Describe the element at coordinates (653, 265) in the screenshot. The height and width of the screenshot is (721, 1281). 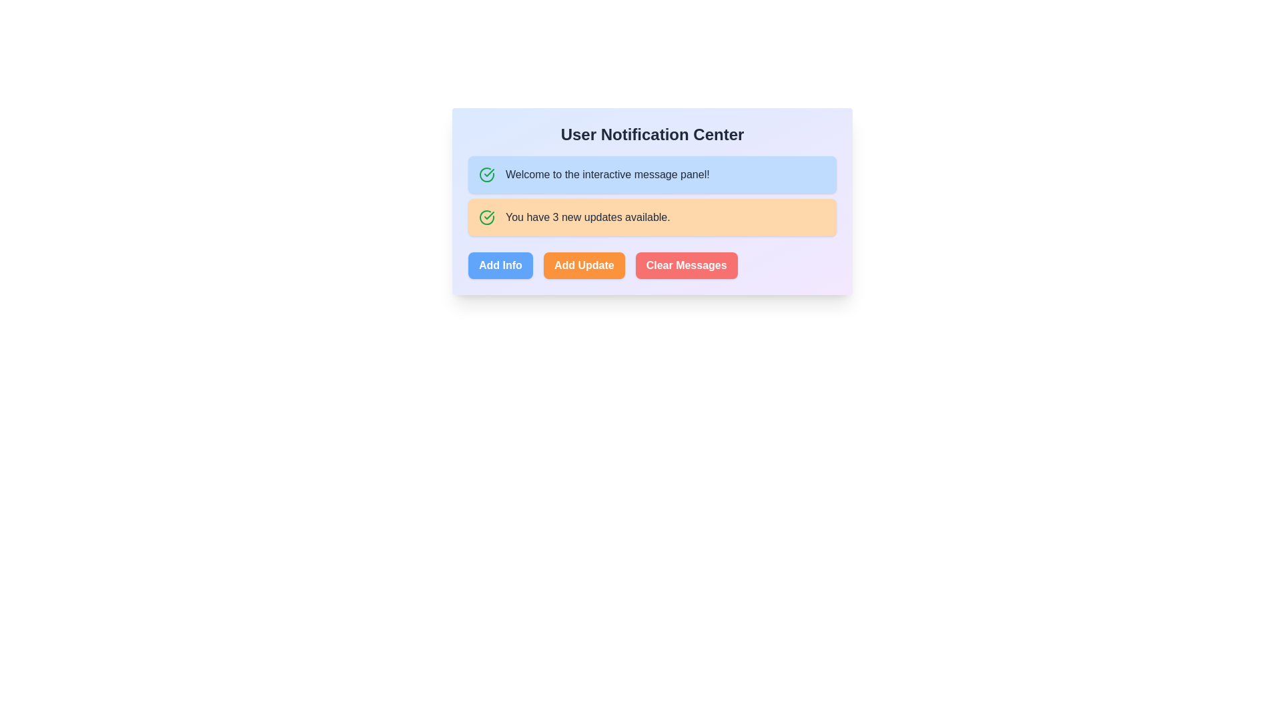
I see `the 'Clear Messages' button located in the group of buttons at the bottom of the 'User Notification Center' panel` at that location.